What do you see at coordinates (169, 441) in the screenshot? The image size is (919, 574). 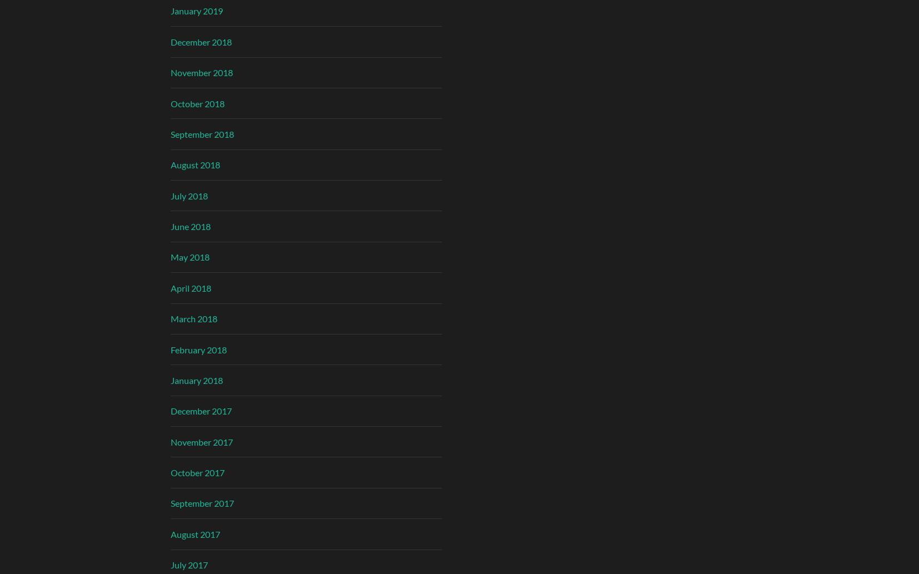 I see `'November 2017'` at bounding box center [169, 441].